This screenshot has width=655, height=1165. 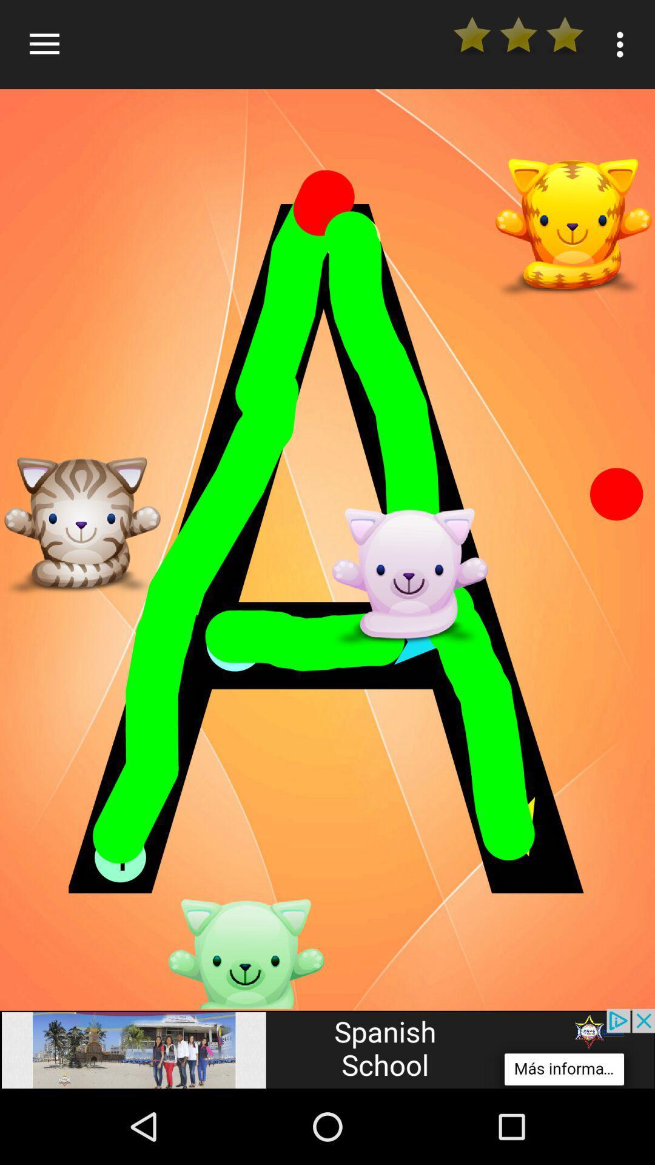 I want to click on advertisement, so click(x=327, y=1048).